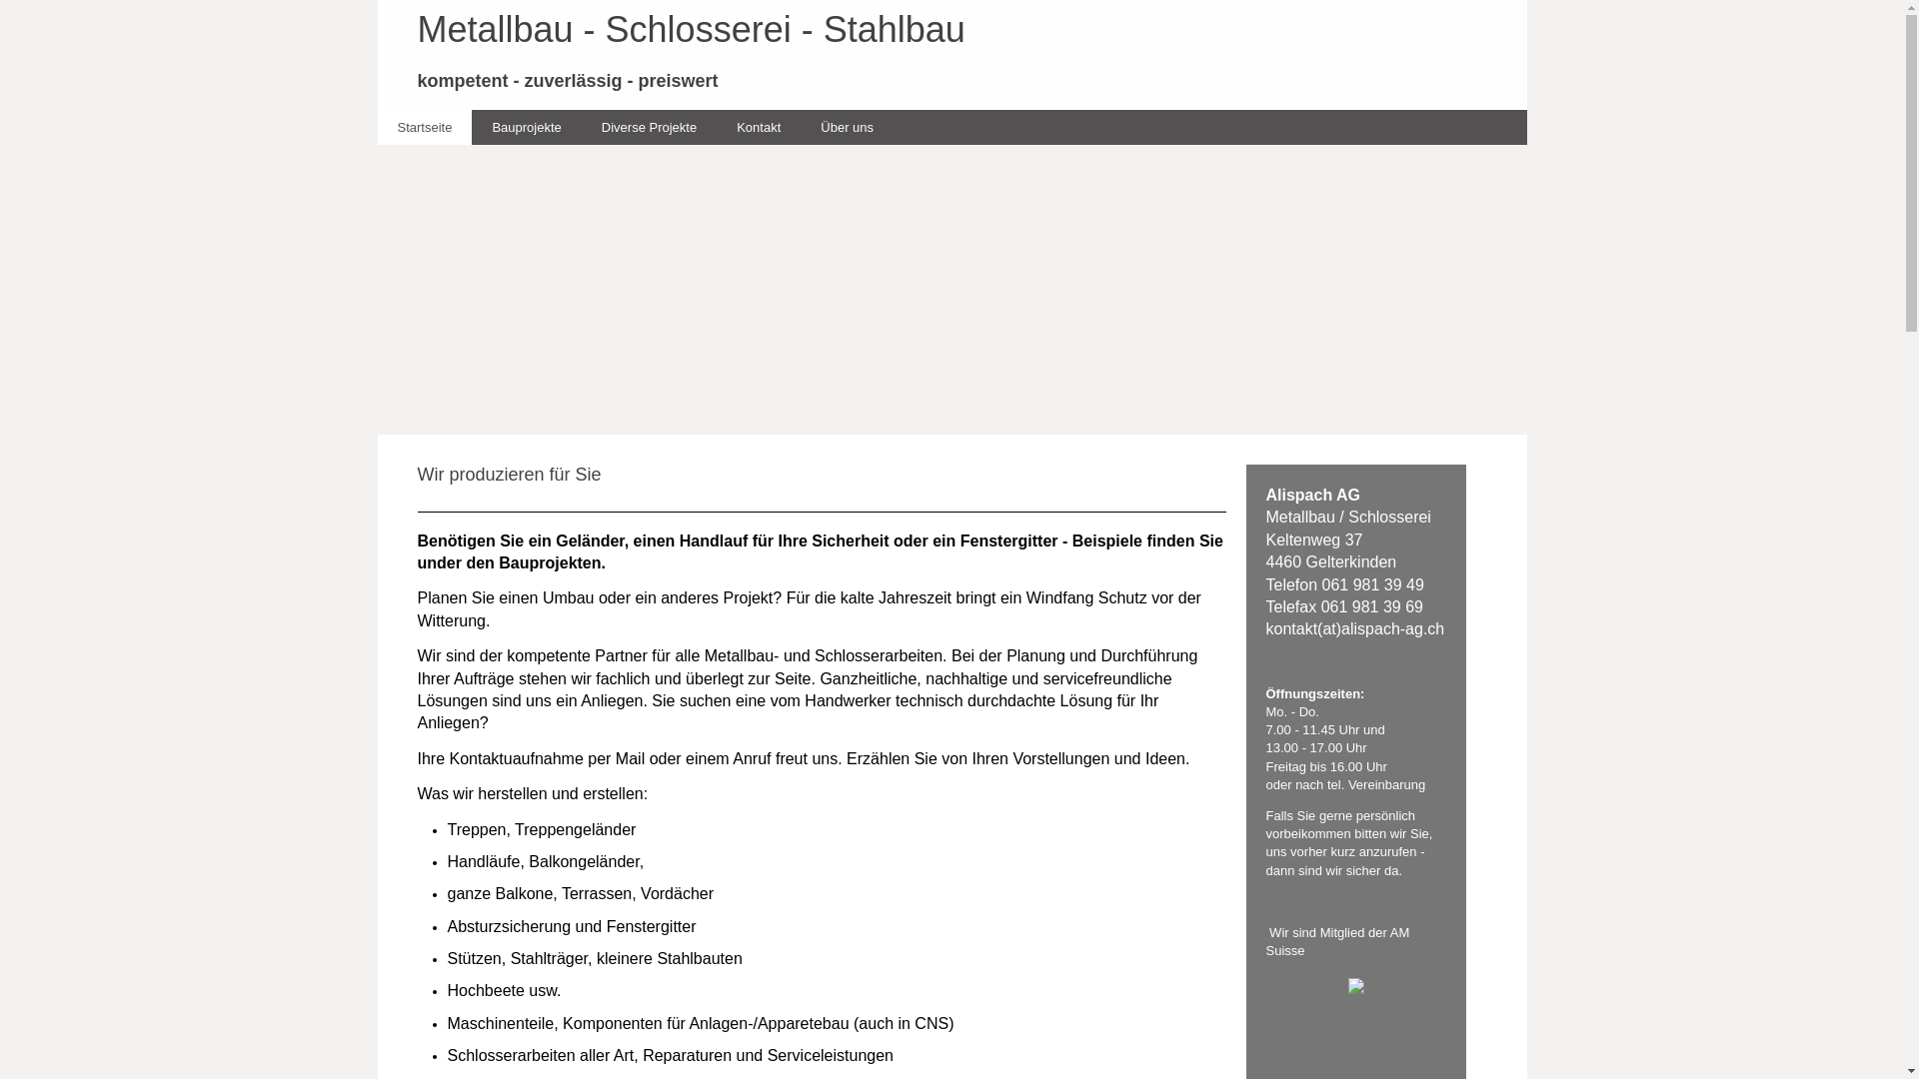  Describe the element at coordinates (757, 127) in the screenshot. I see `'Kontakt'` at that location.